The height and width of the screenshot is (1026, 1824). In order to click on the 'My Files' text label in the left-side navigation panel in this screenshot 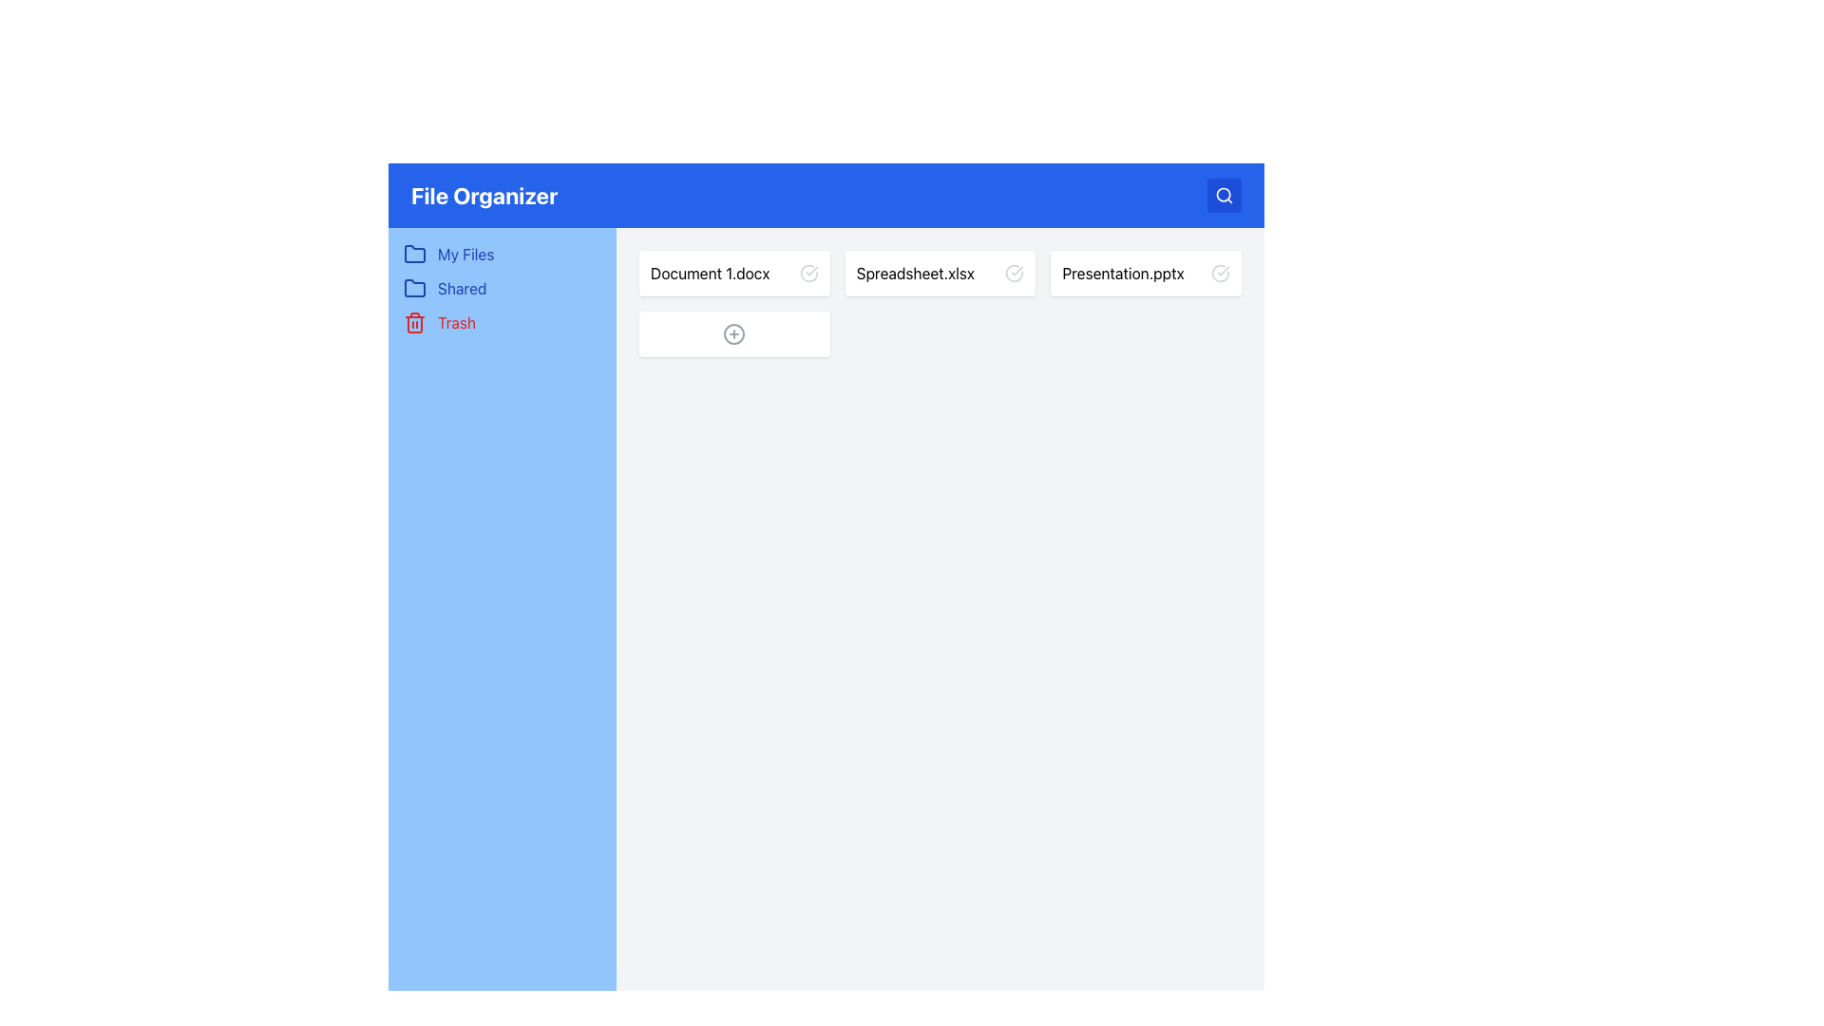, I will do `click(465, 253)`.